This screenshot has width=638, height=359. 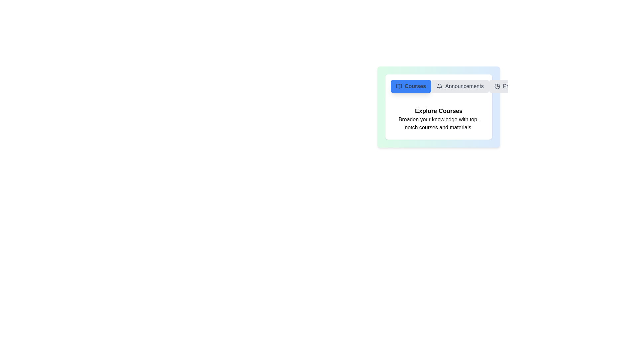 What do you see at coordinates (411, 86) in the screenshot?
I see `the 'Courses' button, which is the first button in the navigation bar, to activate any hover effects` at bounding box center [411, 86].